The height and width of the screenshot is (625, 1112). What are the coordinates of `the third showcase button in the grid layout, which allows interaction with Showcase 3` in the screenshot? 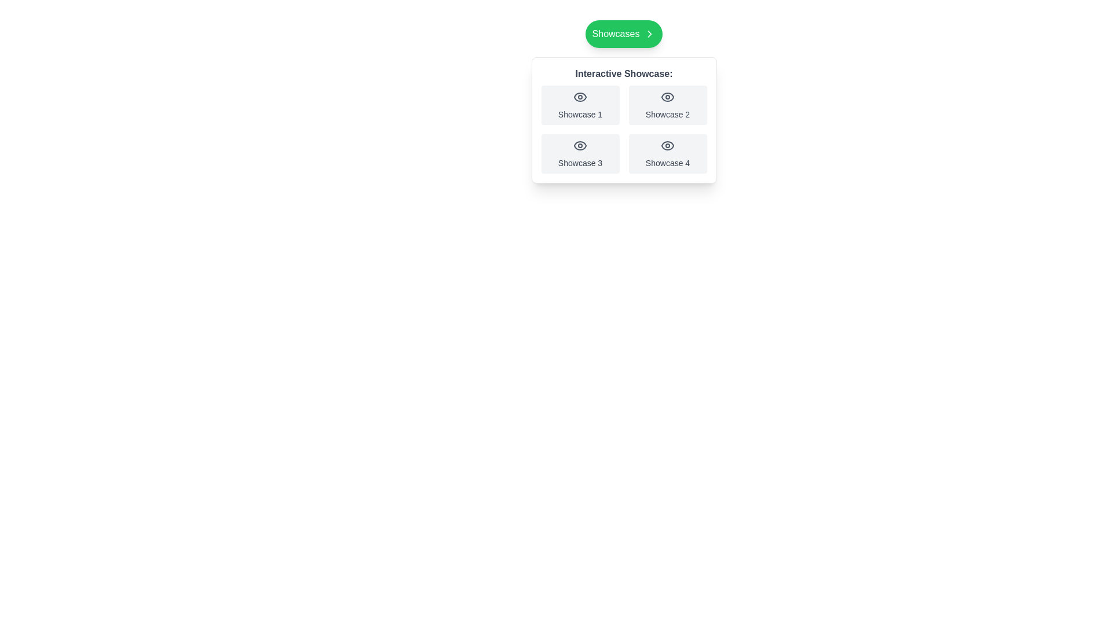 It's located at (580, 153).